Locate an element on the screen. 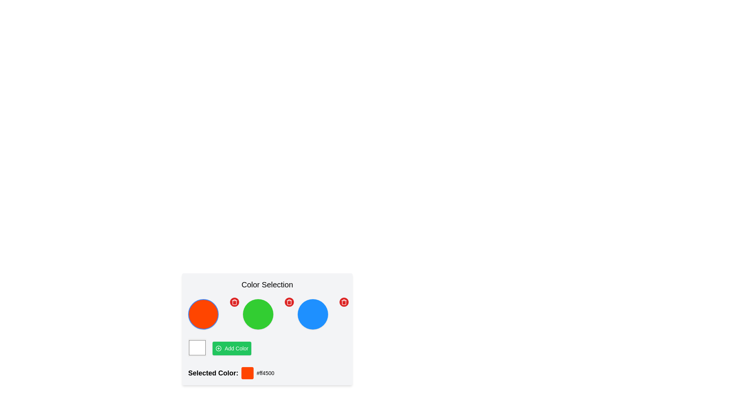  the green rectangular button labeled 'Add Color' for additional information is located at coordinates (232, 348).